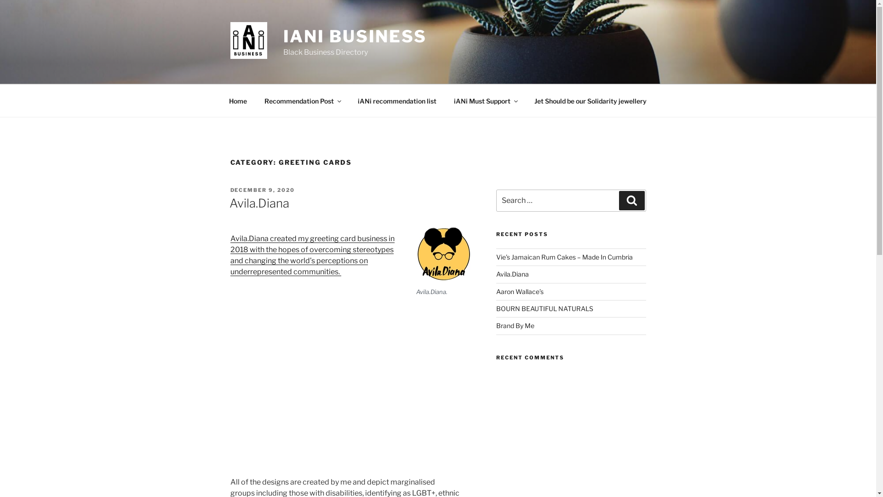 The height and width of the screenshot is (497, 883). What do you see at coordinates (302, 100) in the screenshot?
I see `'Recommendation Post'` at bounding box center [302, 100].